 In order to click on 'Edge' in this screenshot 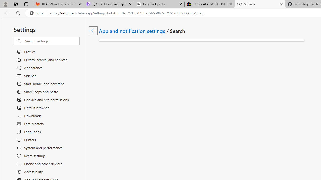, I will do `click(37, 13)`.